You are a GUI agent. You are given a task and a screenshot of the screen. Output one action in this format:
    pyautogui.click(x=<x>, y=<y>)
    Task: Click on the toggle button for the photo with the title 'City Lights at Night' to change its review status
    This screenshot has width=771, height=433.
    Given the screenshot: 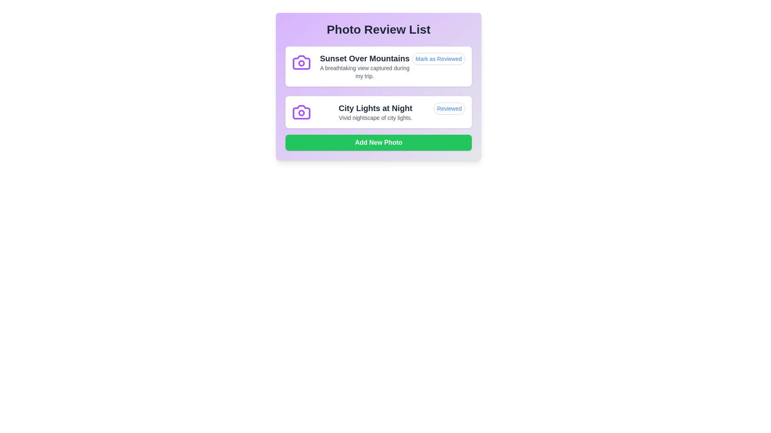 What is the action you would take?
    pyautogui.click(x=449, y=108)
    